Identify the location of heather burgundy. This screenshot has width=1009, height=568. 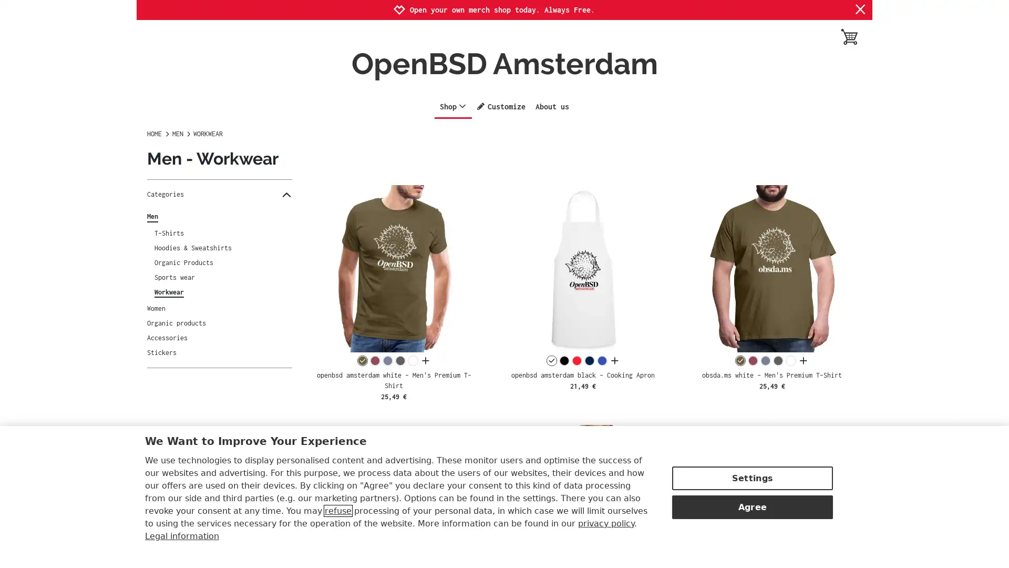
(753, 360).